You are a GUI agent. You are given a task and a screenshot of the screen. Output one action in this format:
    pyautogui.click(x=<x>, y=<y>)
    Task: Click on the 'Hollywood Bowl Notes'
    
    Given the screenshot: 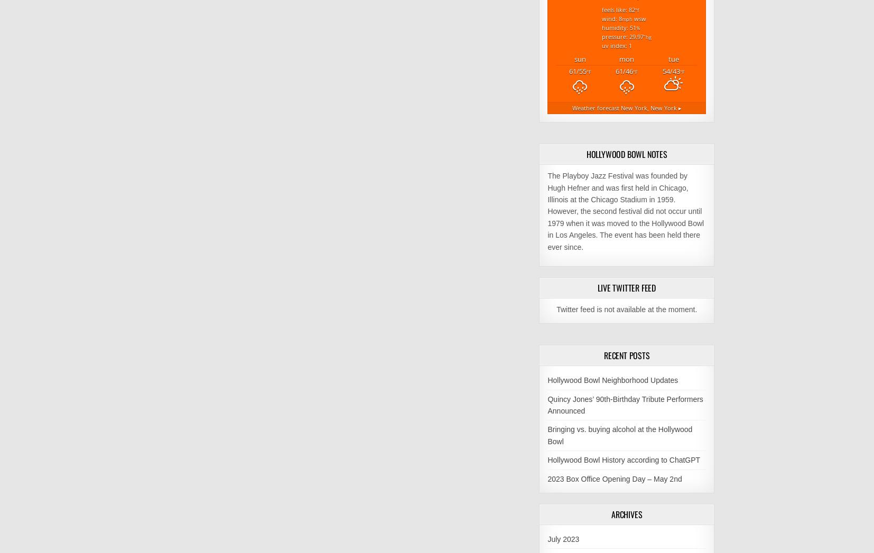 What is the action you would take?
    pyautogui.click(x=626, y=154)
    